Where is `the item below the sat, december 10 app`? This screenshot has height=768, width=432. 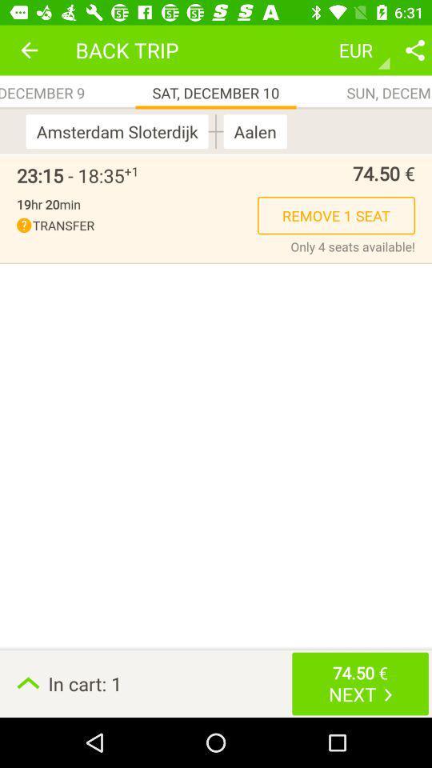
the item below the sat, december 10 app is located at coordinates (251, 130).